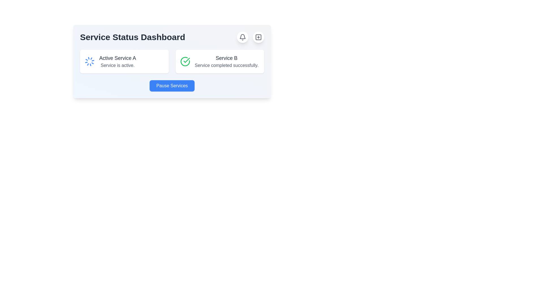 This screenshot has width=543, height=305. What do you see at coordinates (243, 37) in the screenshot?
I see `the bell icon in the top-right corner of the dashboard` at bounding box center [243, 37].